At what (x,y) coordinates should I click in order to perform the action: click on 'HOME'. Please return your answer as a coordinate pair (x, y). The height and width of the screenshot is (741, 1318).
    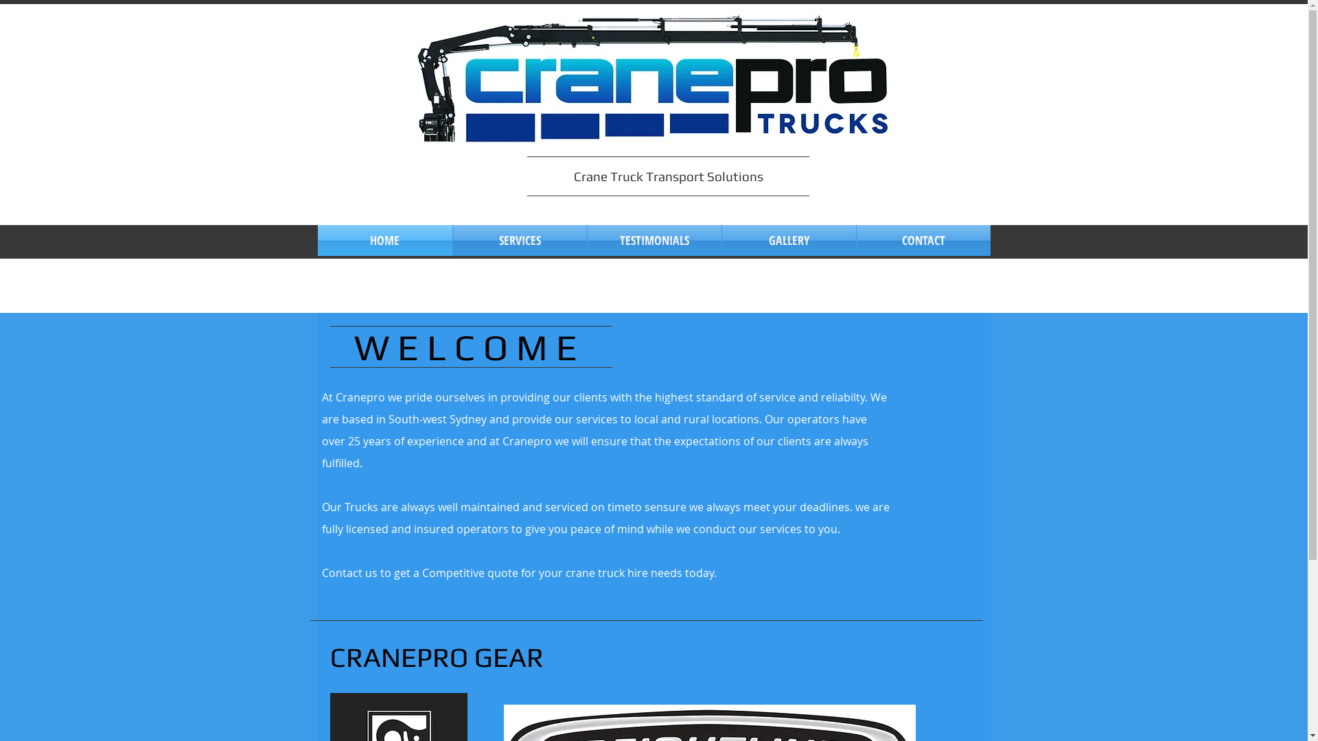
    Looking at the image, I should click on (384, 239).